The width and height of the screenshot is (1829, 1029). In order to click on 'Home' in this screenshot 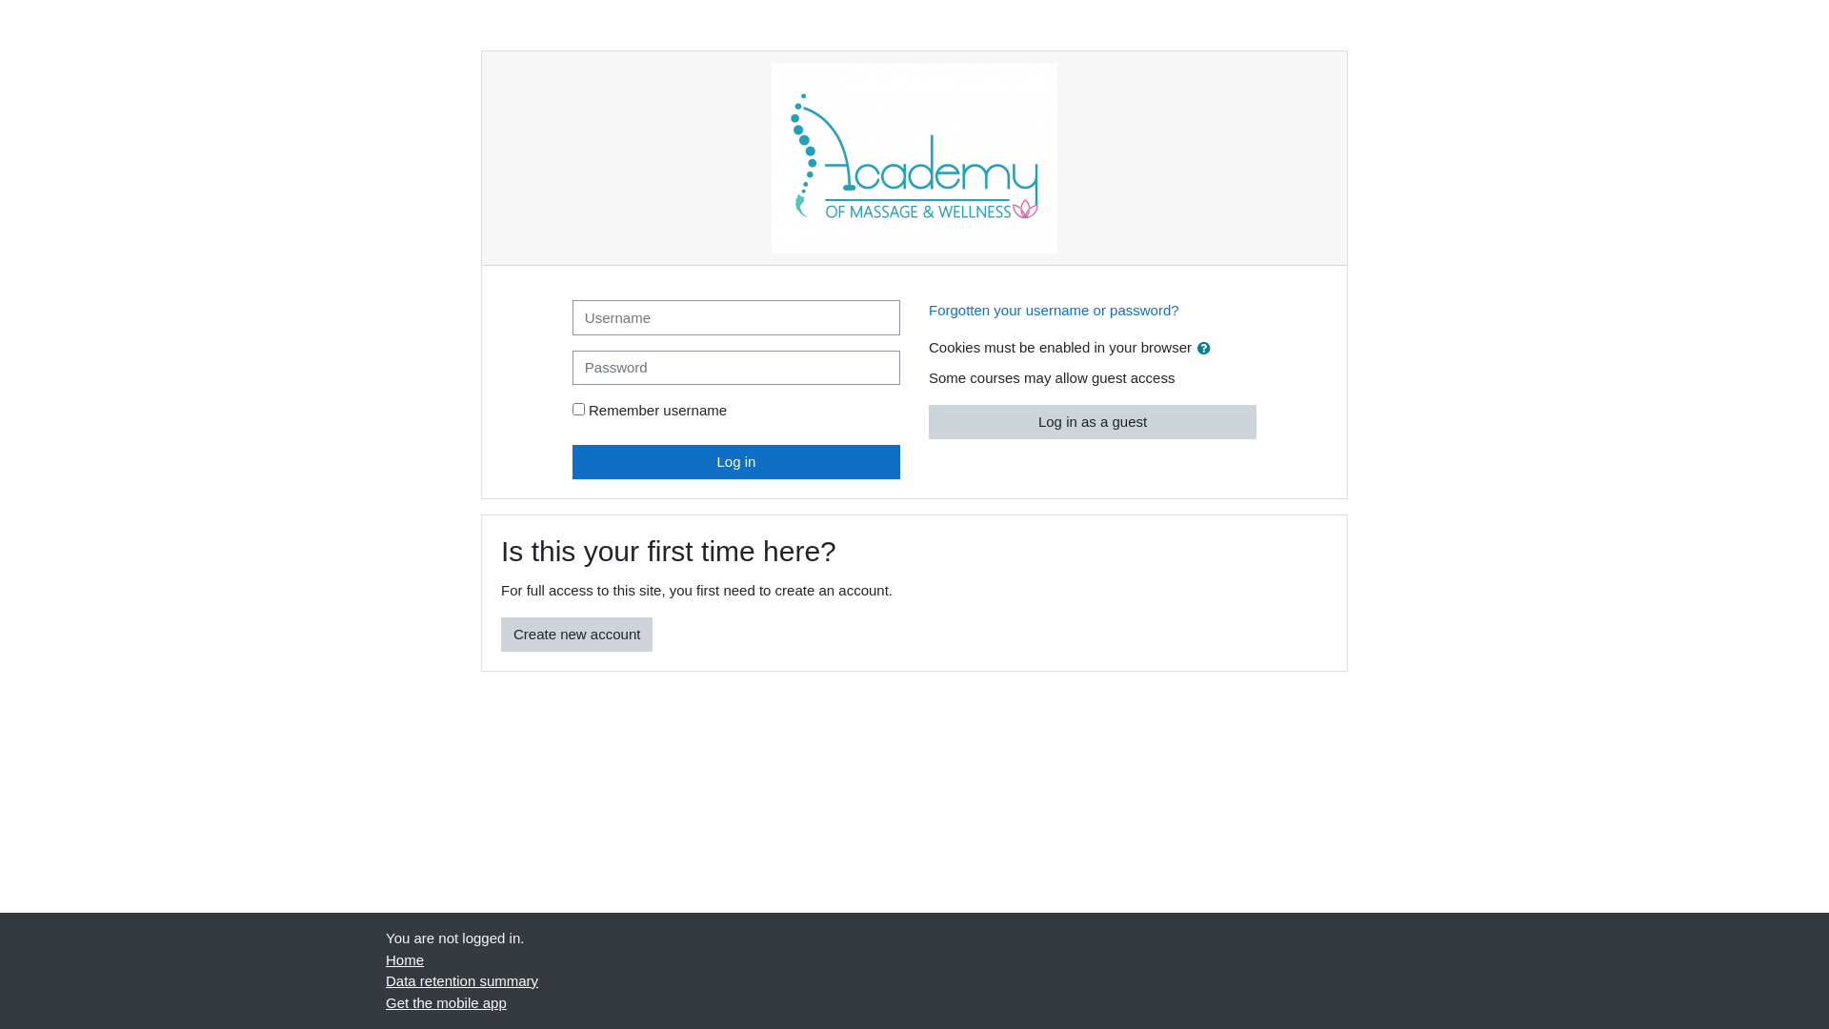, I will do `click(404, 958)`.